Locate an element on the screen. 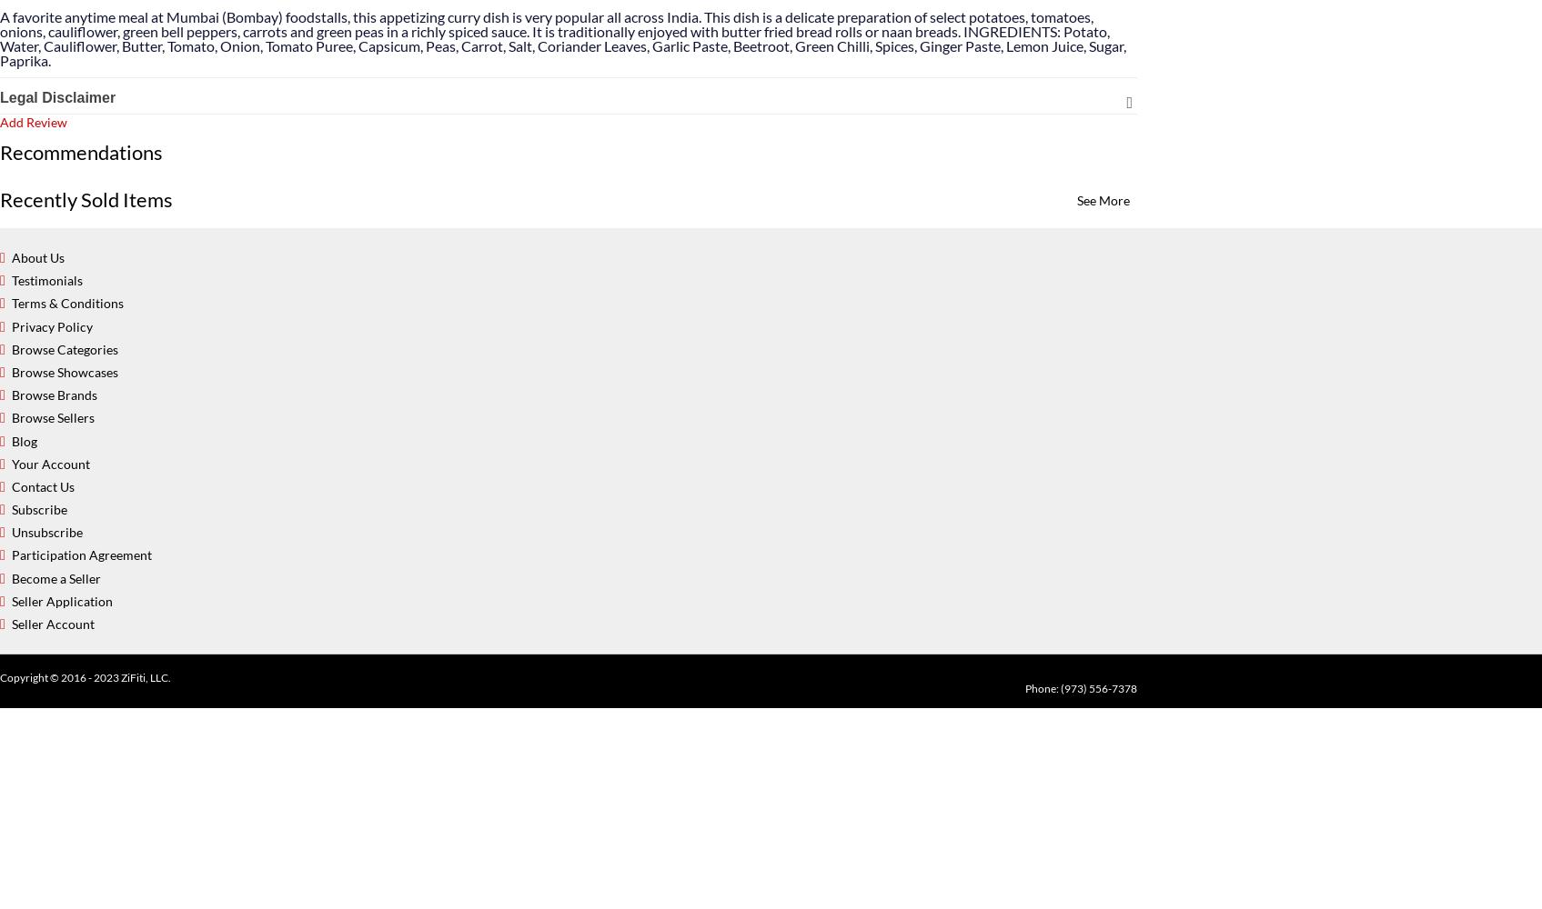 This screenshot has width=1542, height=909. 'Terms & Conditions' is located at coordinates (66, 302).